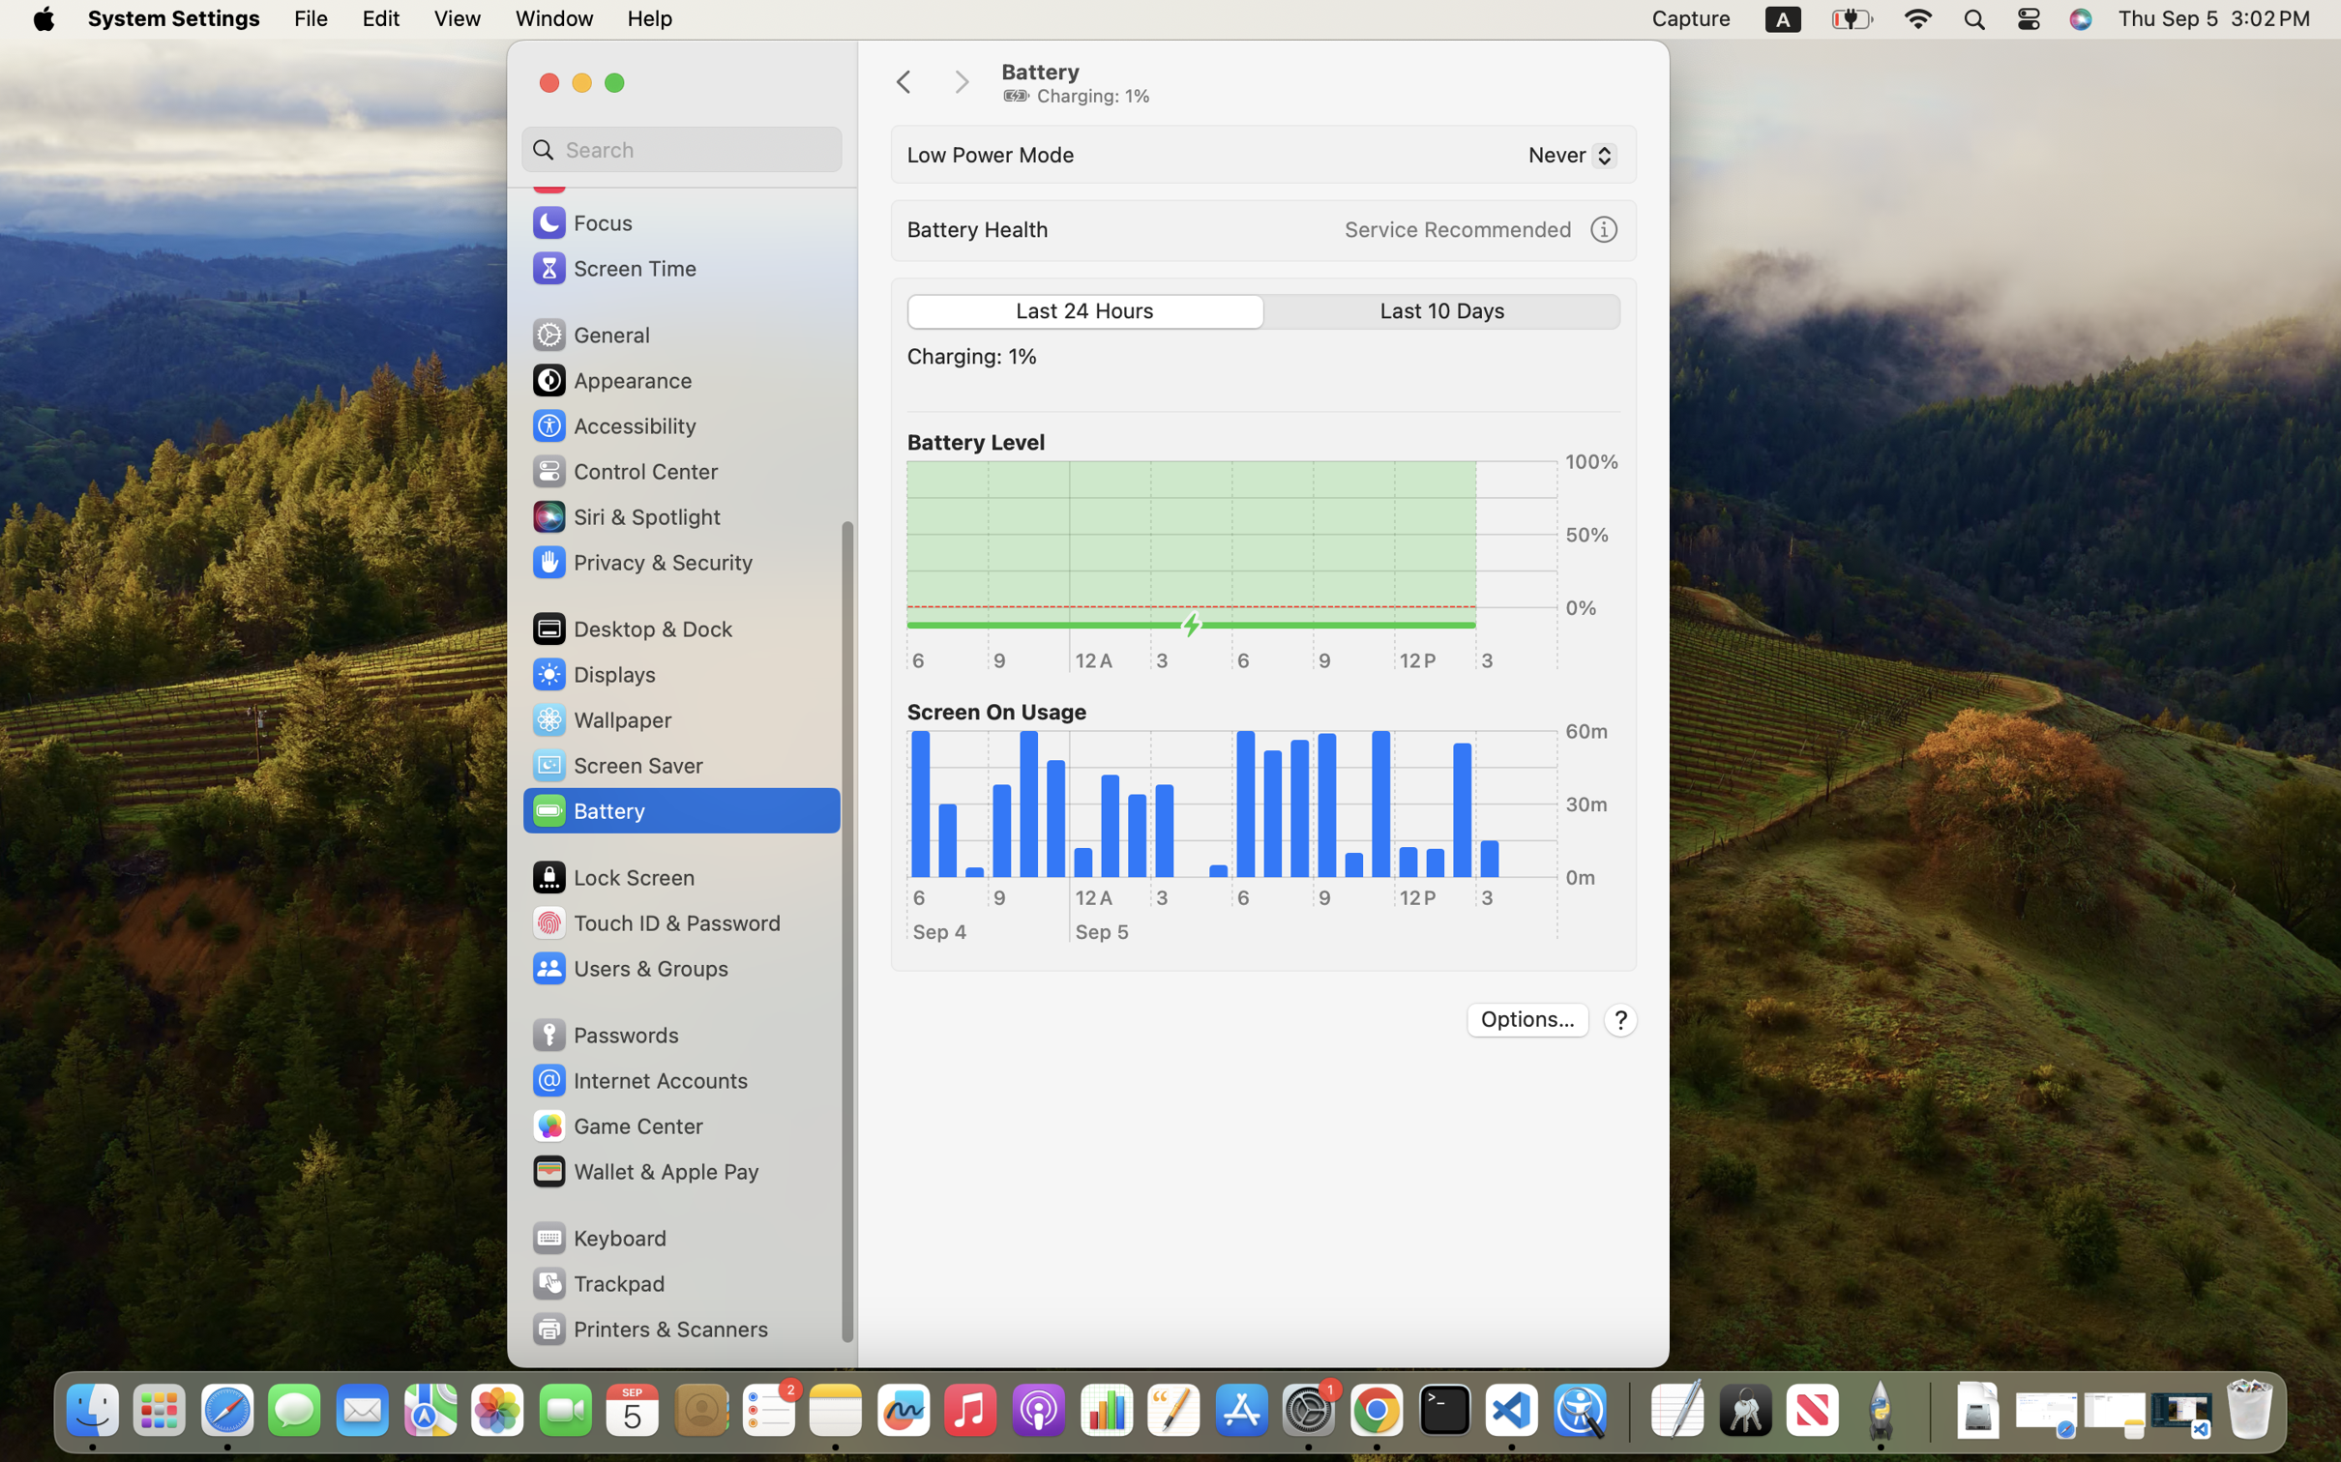  I want to click on 'Battery Level', so click(974, 441).